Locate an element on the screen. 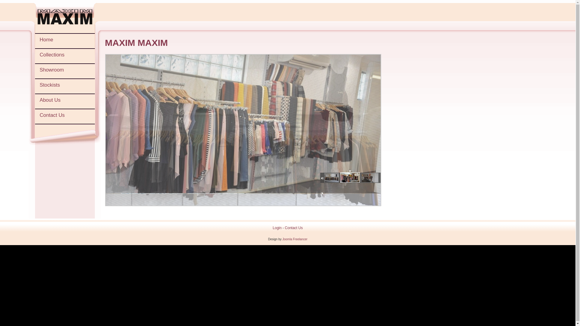  'Home' is located at coordinates (65, 41).